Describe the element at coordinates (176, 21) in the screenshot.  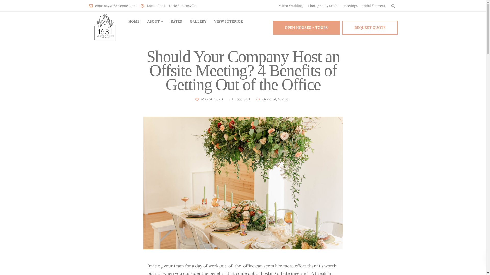
I see `'RATES'` at that location.